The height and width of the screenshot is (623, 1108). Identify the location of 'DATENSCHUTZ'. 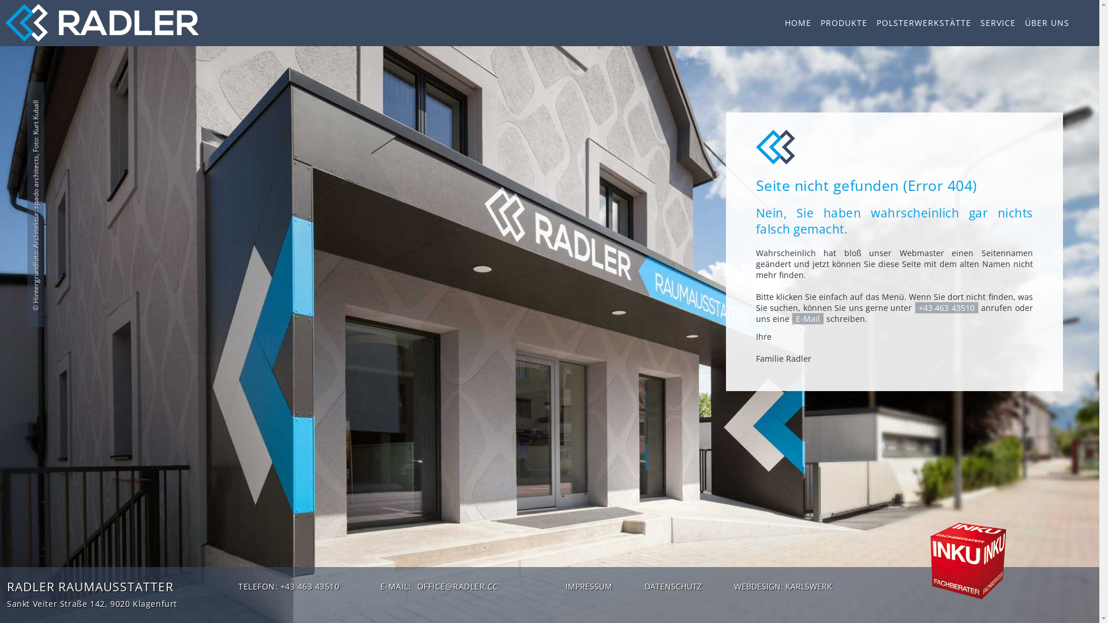
(639, 587).